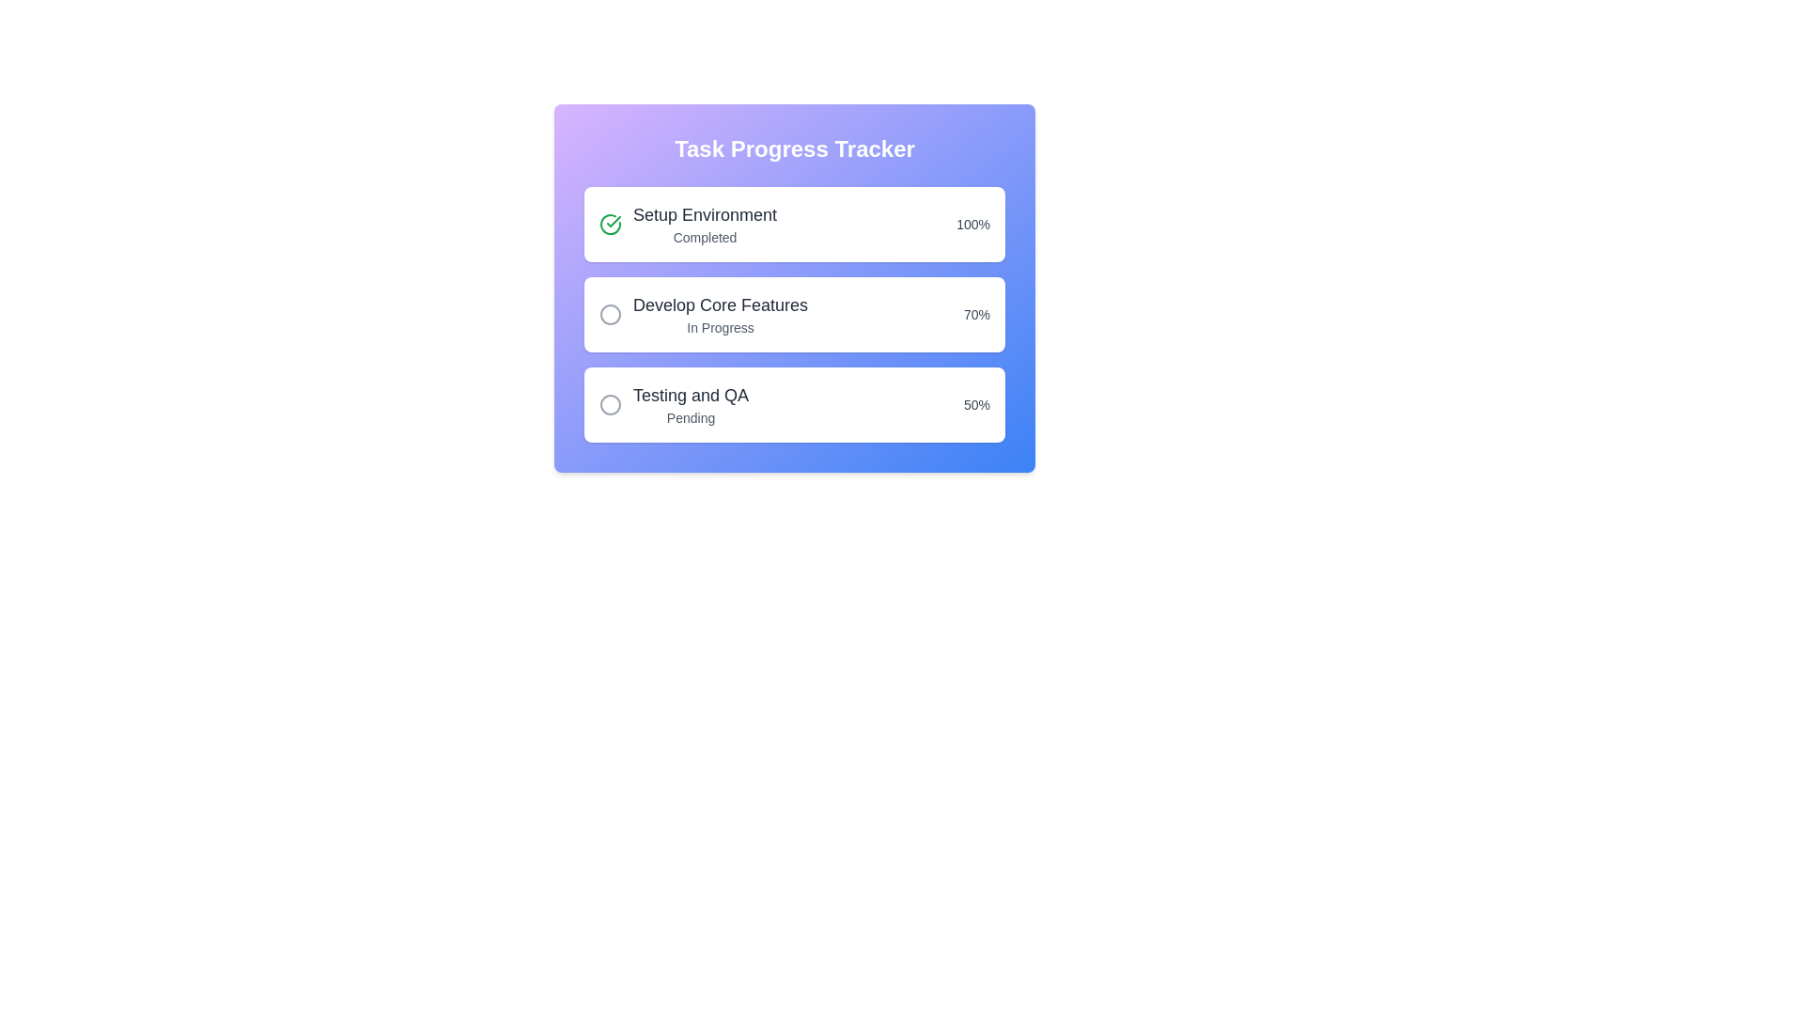 The width and height of the screenshot is (1804, 1015). What do you see at coordinates (720, 304) in the screenshot?
I see `text content of the bold label that says 'Develop Core Features' located in the second task tracking card interface, positioned above the 'In Progress' text and to the right of a circular icon placeholder` at bounding box center [720, 304].